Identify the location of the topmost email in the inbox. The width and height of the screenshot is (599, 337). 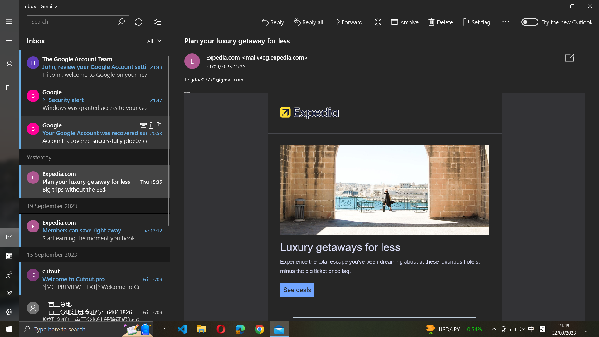
(94, 66).